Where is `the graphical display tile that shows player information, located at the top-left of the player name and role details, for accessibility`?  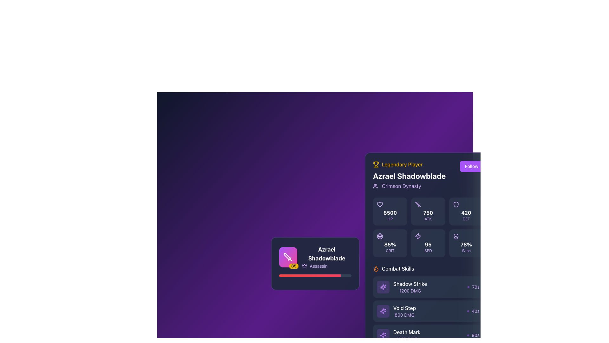
the graphical display tile that shows player information, located at the top-left of the player name and role details, for accessibility is located at coordinates (287, 257).